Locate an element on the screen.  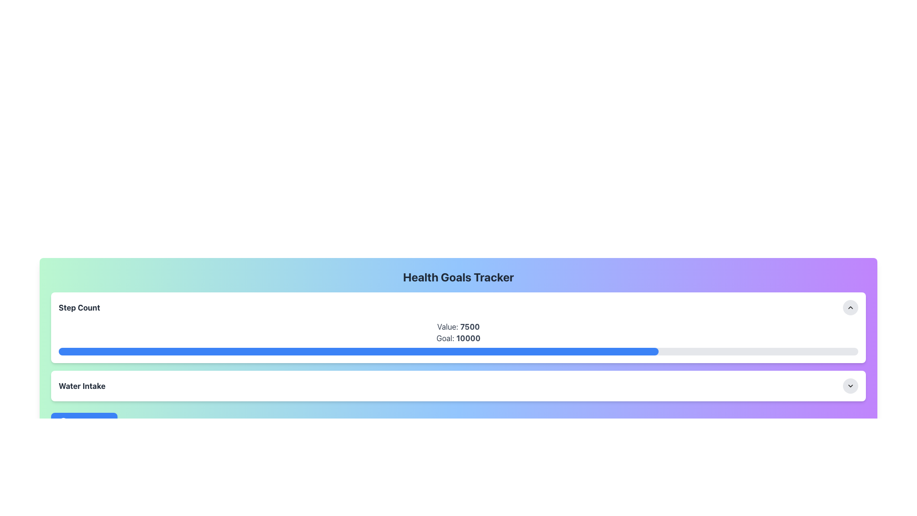
the Static Text Label displaying 'Value: 7500', which is positioned below the header 'Health Goals Tracker' and above the 'Goal: 10000' label is located at coordinates (458, 326).